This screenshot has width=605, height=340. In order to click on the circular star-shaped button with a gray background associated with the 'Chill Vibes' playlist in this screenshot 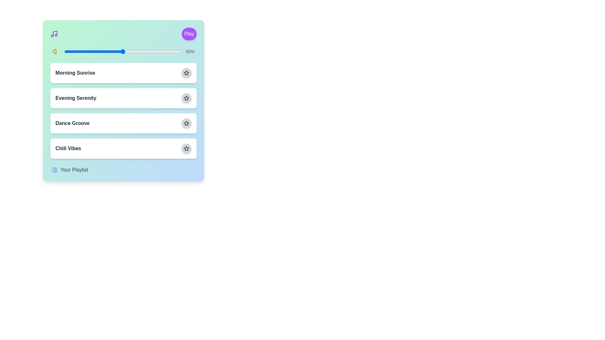, I will do `click(186, 148)`.